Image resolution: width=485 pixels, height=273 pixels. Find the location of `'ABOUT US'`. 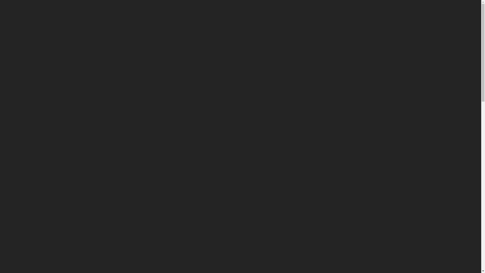

'ABOUT US' is located at coordinates (137, 28).